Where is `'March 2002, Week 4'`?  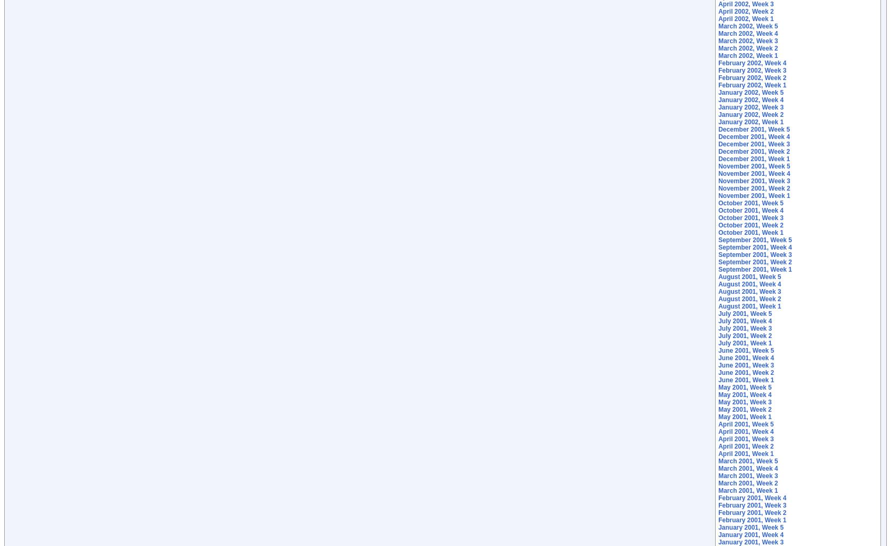 'March 2002, Week 4' is located at coordinates (747, 33).